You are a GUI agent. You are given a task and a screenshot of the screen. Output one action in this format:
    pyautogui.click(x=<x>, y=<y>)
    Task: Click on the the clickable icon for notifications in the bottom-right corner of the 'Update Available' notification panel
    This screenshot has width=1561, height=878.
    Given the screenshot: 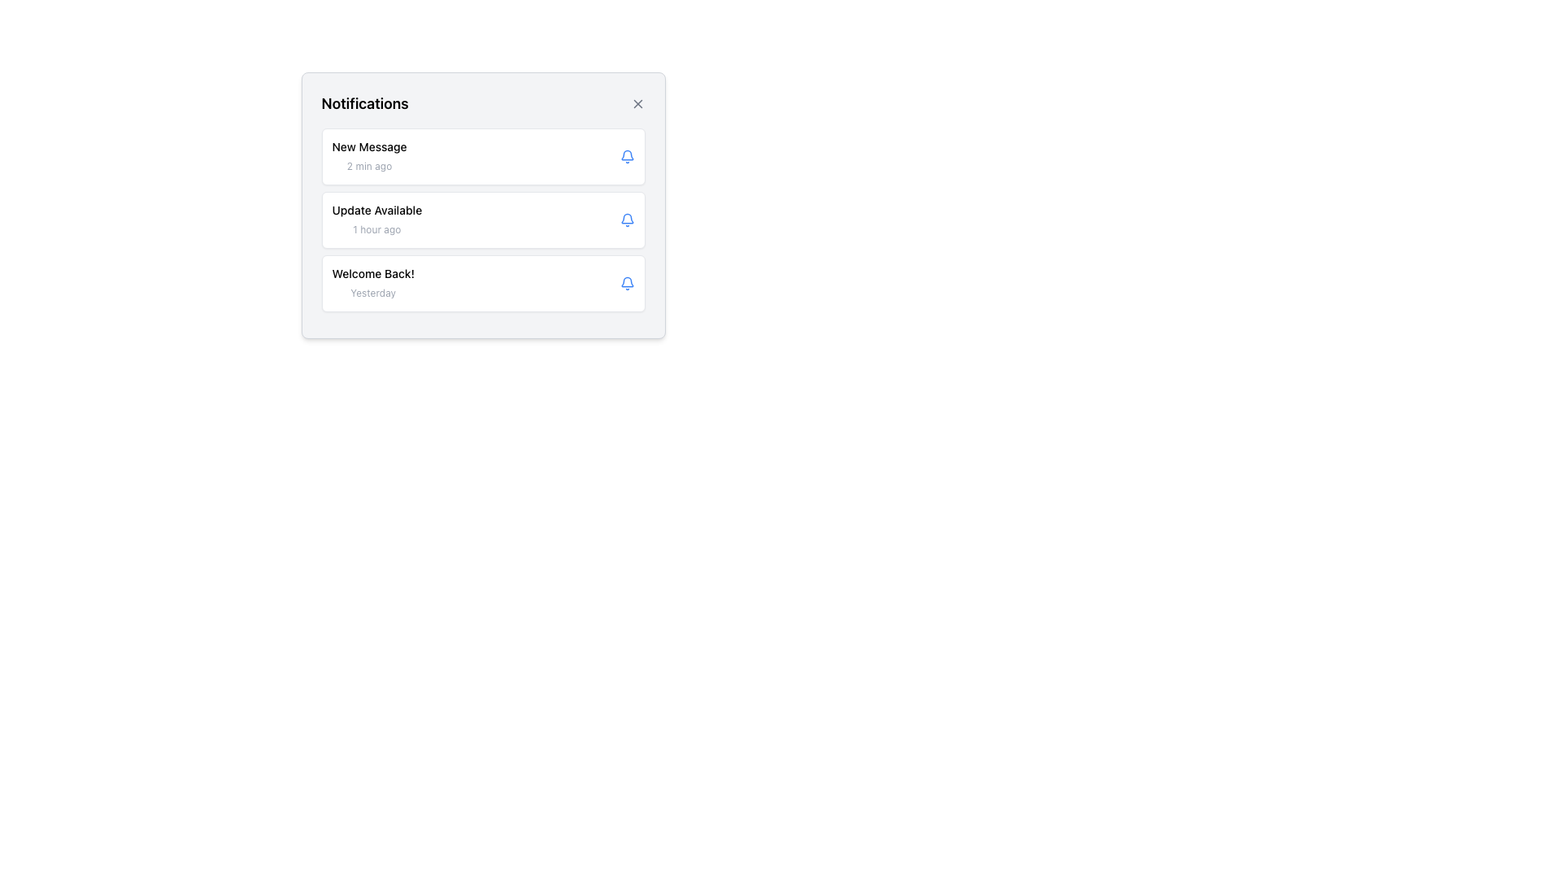 What is the action you would take?
    pyautogui.click(x=626, y=219)
    